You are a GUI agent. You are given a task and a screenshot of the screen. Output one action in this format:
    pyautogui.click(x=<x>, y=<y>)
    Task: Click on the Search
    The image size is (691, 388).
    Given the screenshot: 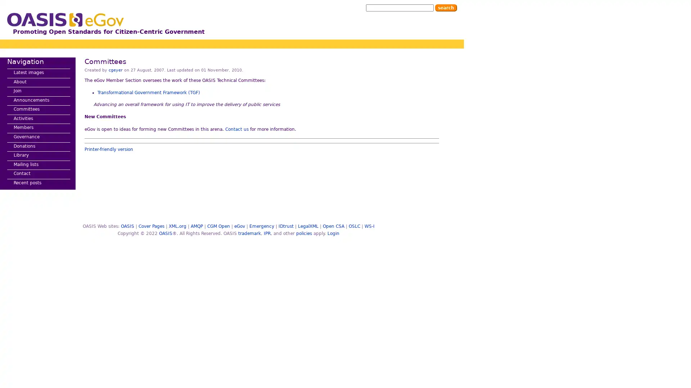 What is the action you would take?
    pyautogui.click(x=446, y=8)
    